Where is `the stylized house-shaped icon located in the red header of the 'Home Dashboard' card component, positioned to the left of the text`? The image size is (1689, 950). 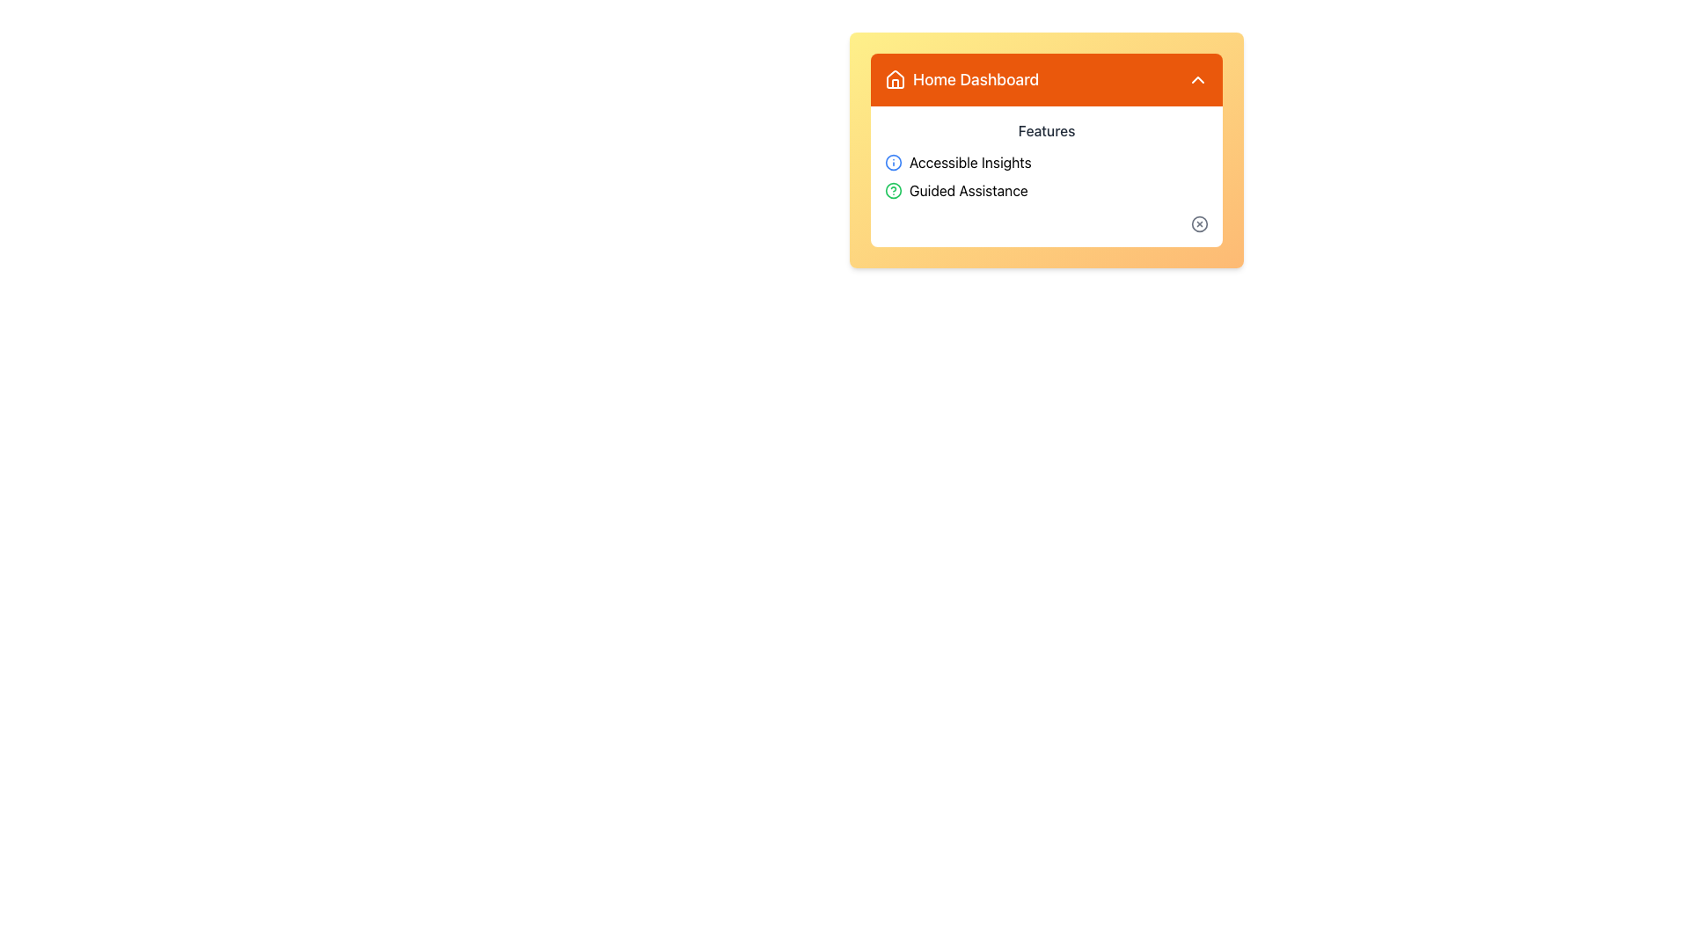
the stylized house-shaped icon located in the red header of the 'Home Dashboard' card component, positioned to the left of the text is located at coordinates (895, 77).